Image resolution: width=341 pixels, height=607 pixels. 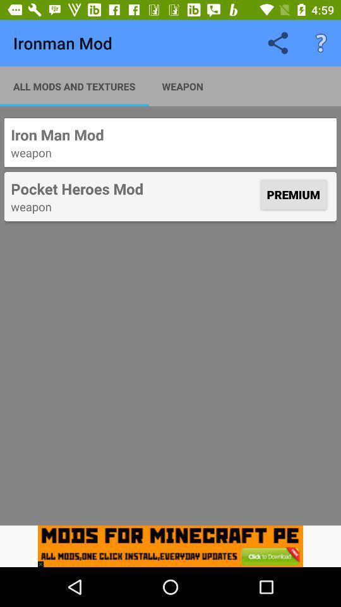 What do you see at coordinates (321, 43) in the screenshot?
I see `item above the iron man mod` at bounding box center [321, 43].